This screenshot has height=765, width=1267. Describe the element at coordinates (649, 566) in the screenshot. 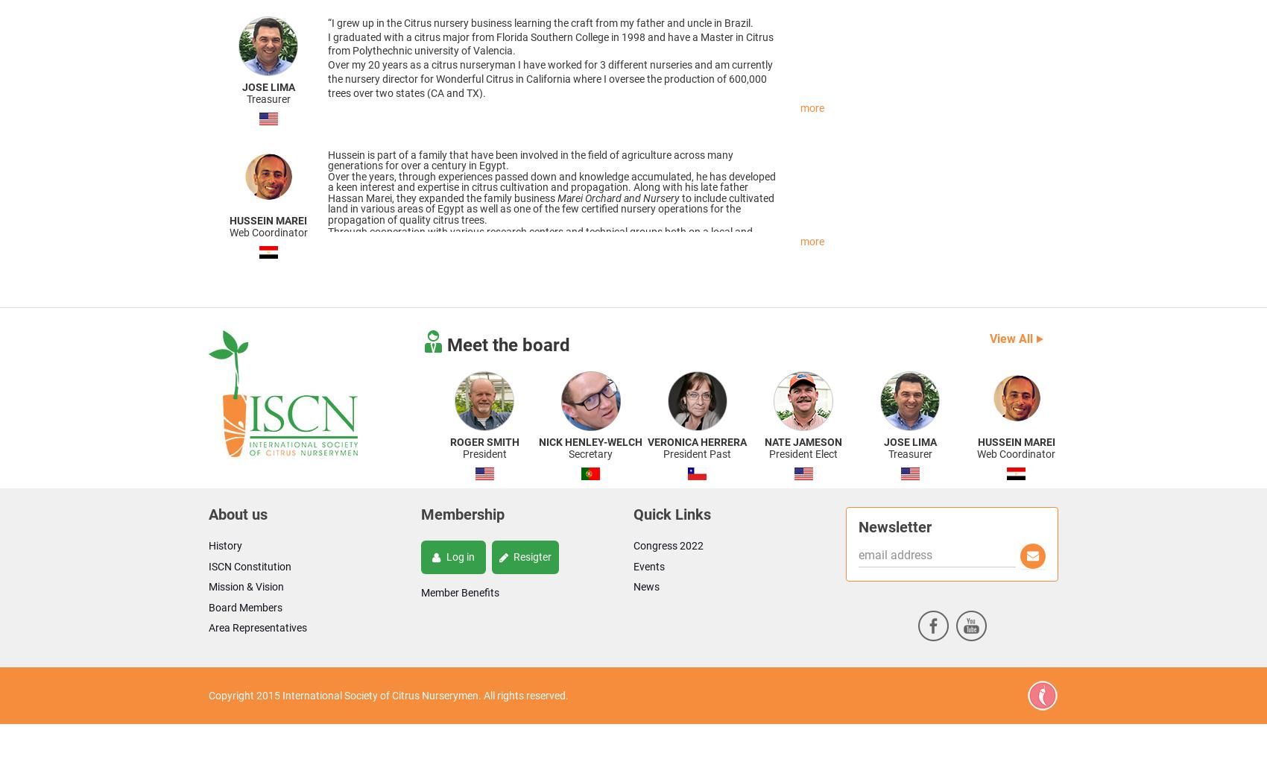

I see `'Events'` at that location.